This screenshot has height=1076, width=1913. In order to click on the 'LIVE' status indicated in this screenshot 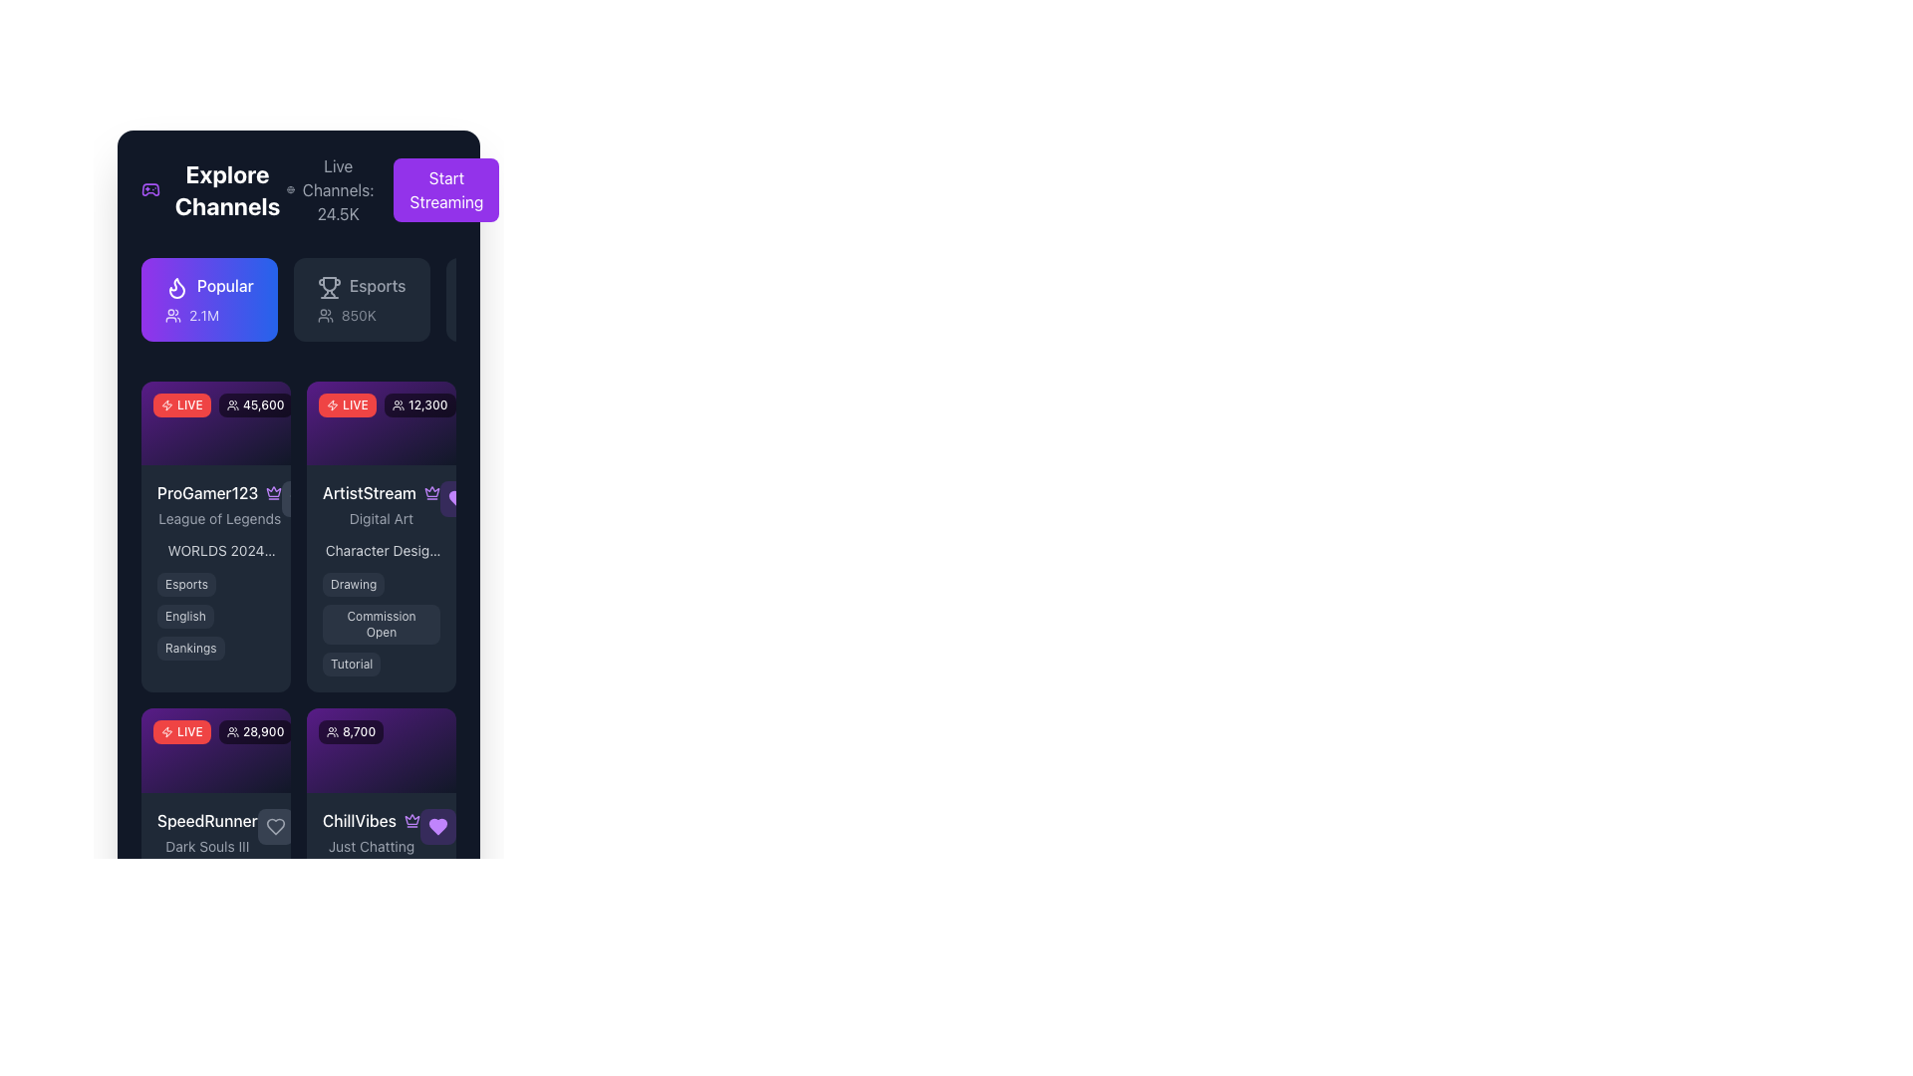, I will do `click(181, 732)`.